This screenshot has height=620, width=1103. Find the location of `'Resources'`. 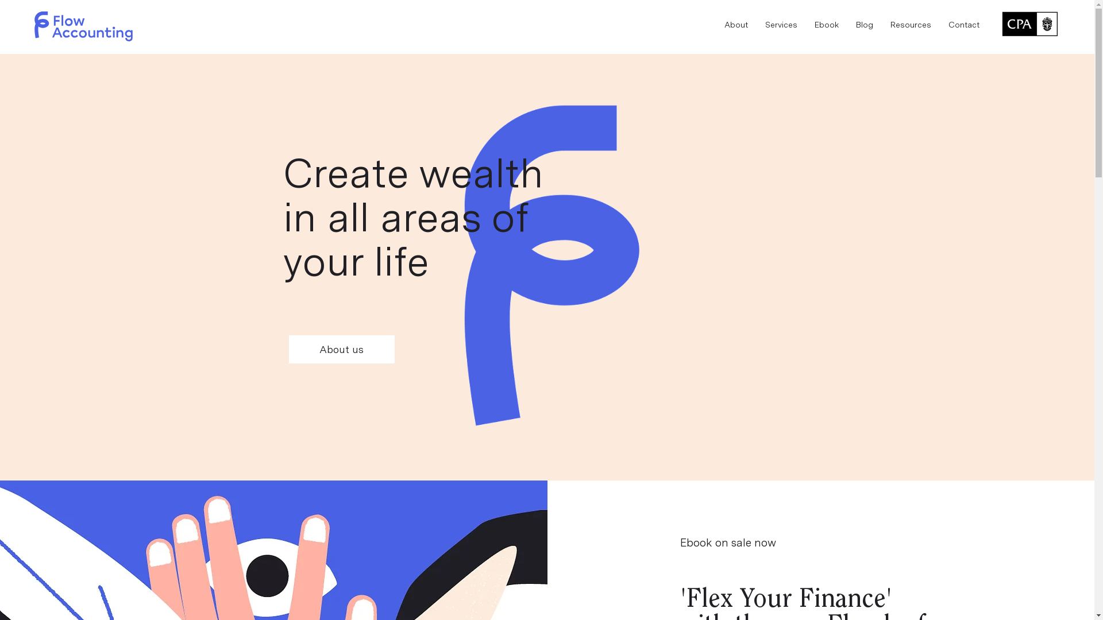

'Resources' is located at coordinates (881, 25).